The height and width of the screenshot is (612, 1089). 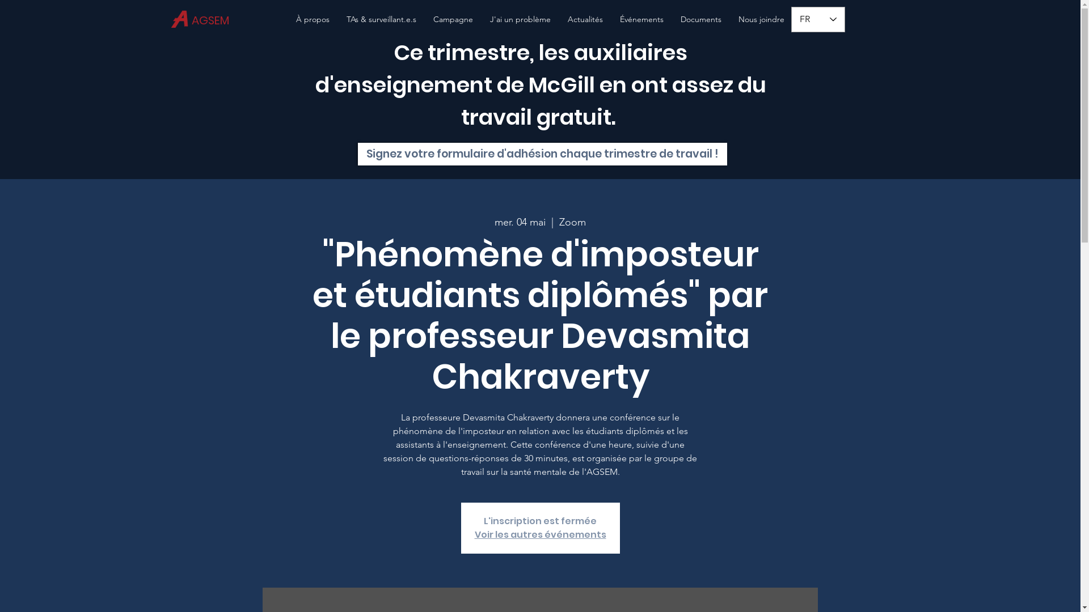 What do you see at coordinates (761, 19) in the screenshot?
I see `'Nous joindre'` at bounding box center [761, 19].